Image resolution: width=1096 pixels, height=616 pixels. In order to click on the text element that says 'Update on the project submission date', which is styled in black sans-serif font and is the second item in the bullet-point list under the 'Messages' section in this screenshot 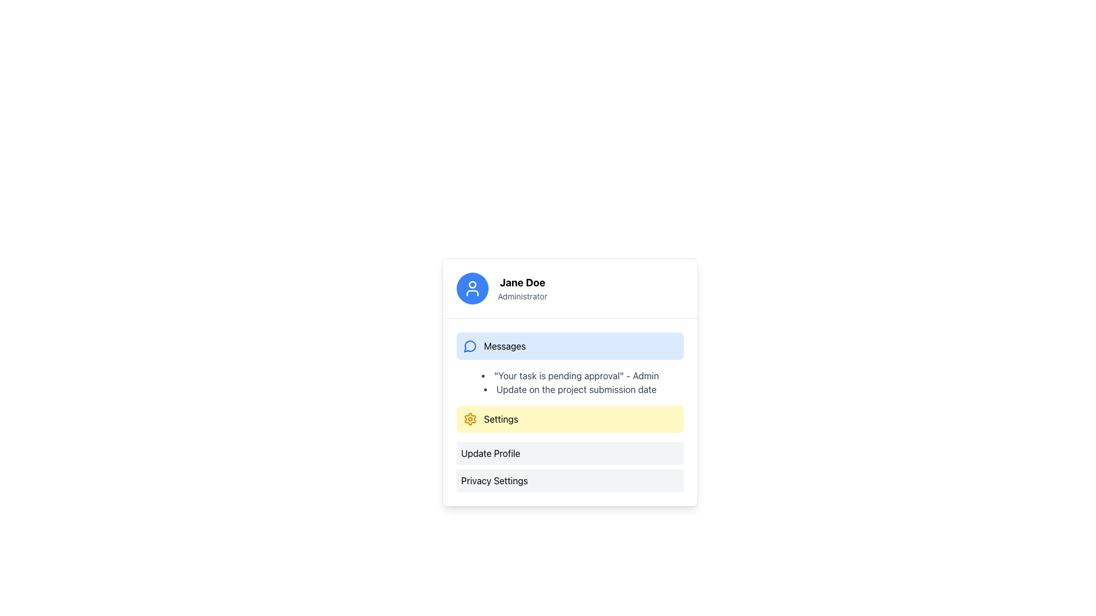, I will do `click(570, 388)`.